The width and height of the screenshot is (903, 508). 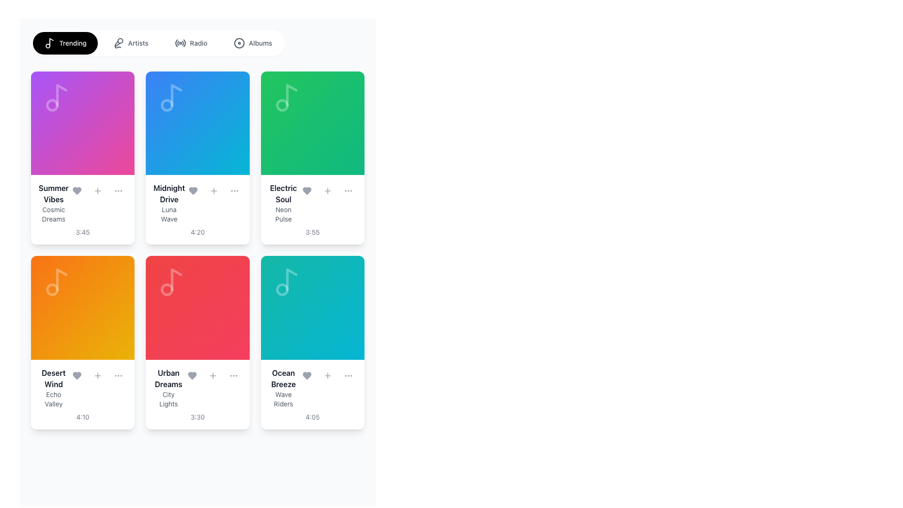 I want to click on the middle button in the horizontal row of three elements at the bottom of the 'Urban Dreams' music card, so click(x=212, y=375).